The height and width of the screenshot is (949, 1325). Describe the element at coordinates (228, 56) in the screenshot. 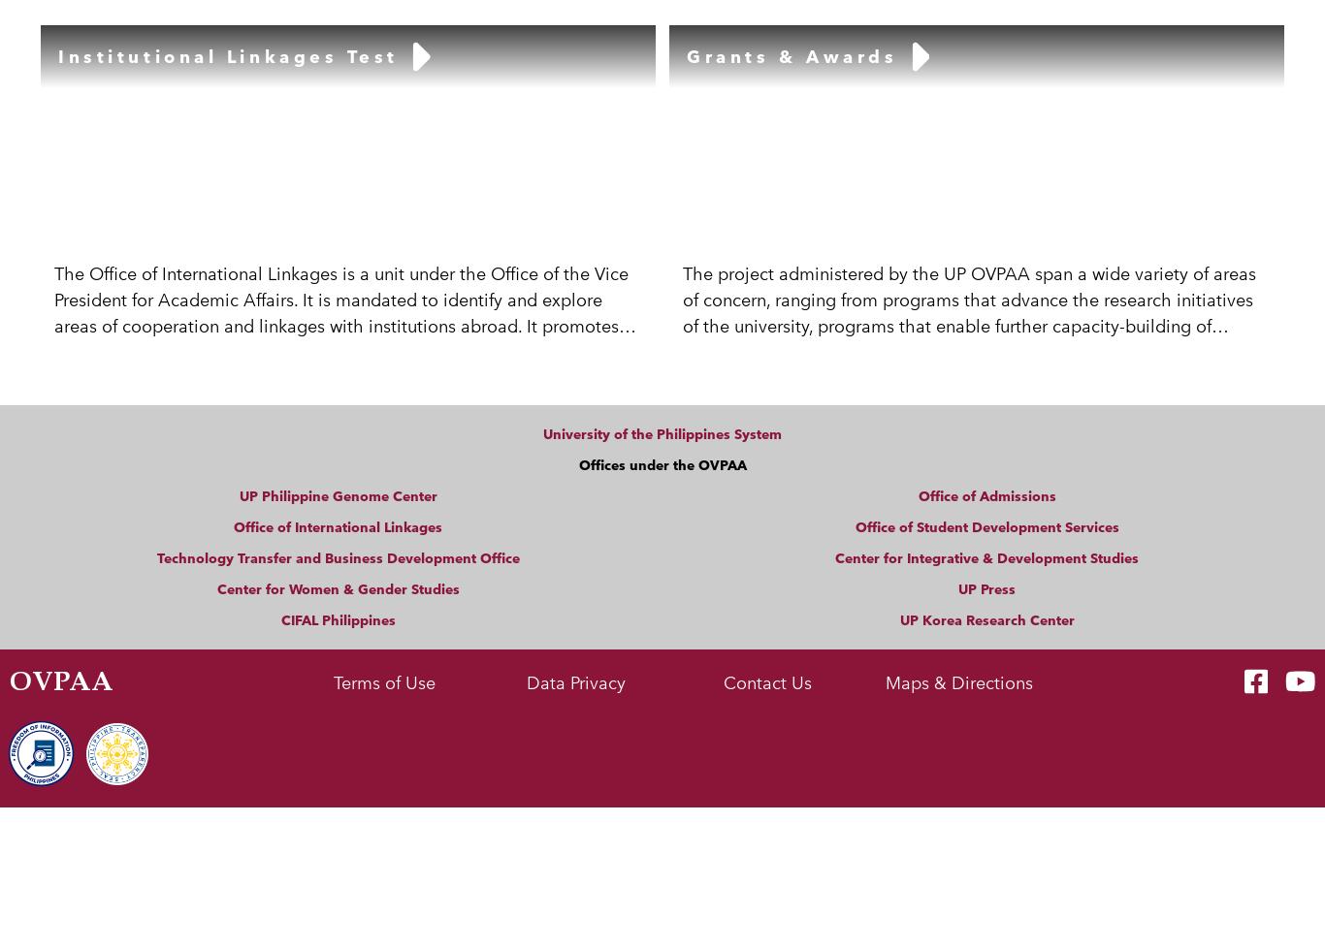

I see `'Institutional Linkages Test'` at that location.